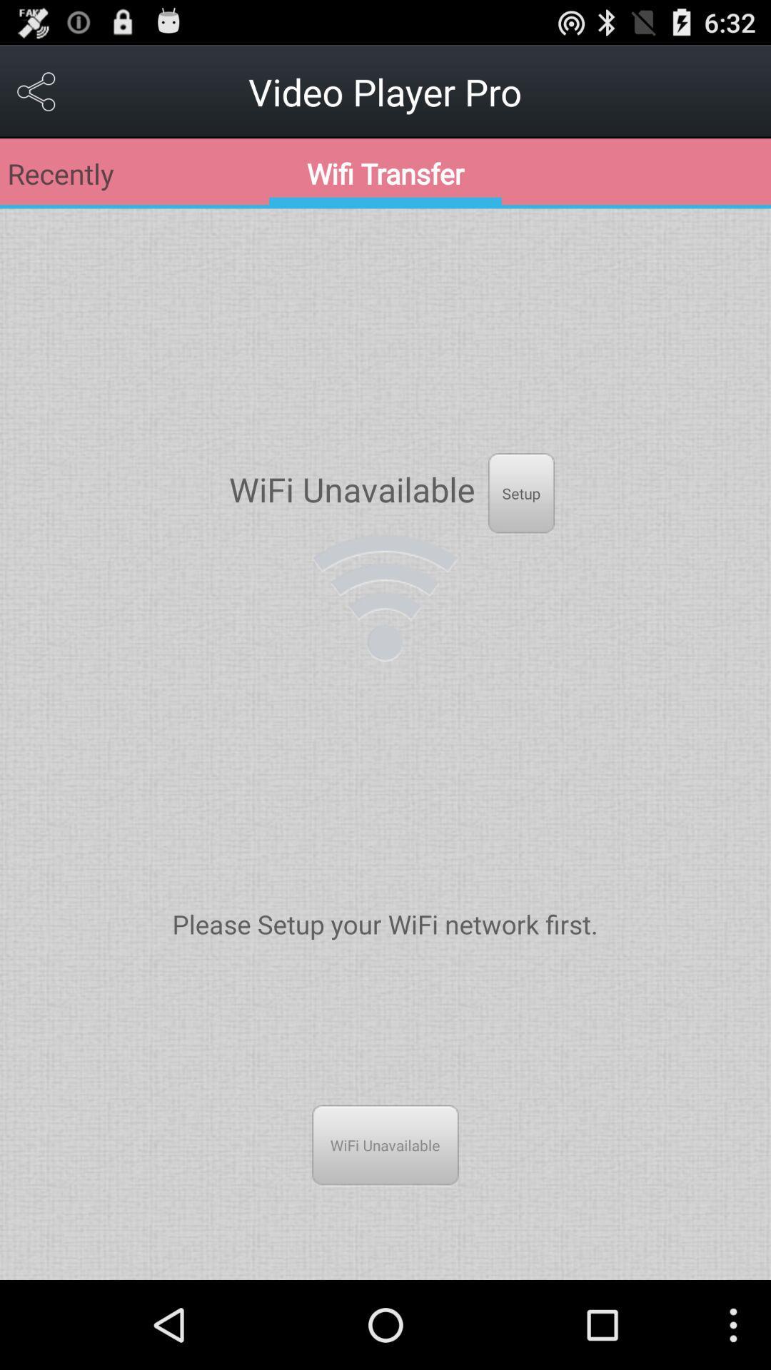 This screenshot has width=771, height=1370. What do you see at coordinates (384, 598) in the screenshot?
I see `the item below the wifi unavailable icon` at bounding box center [384, 598].